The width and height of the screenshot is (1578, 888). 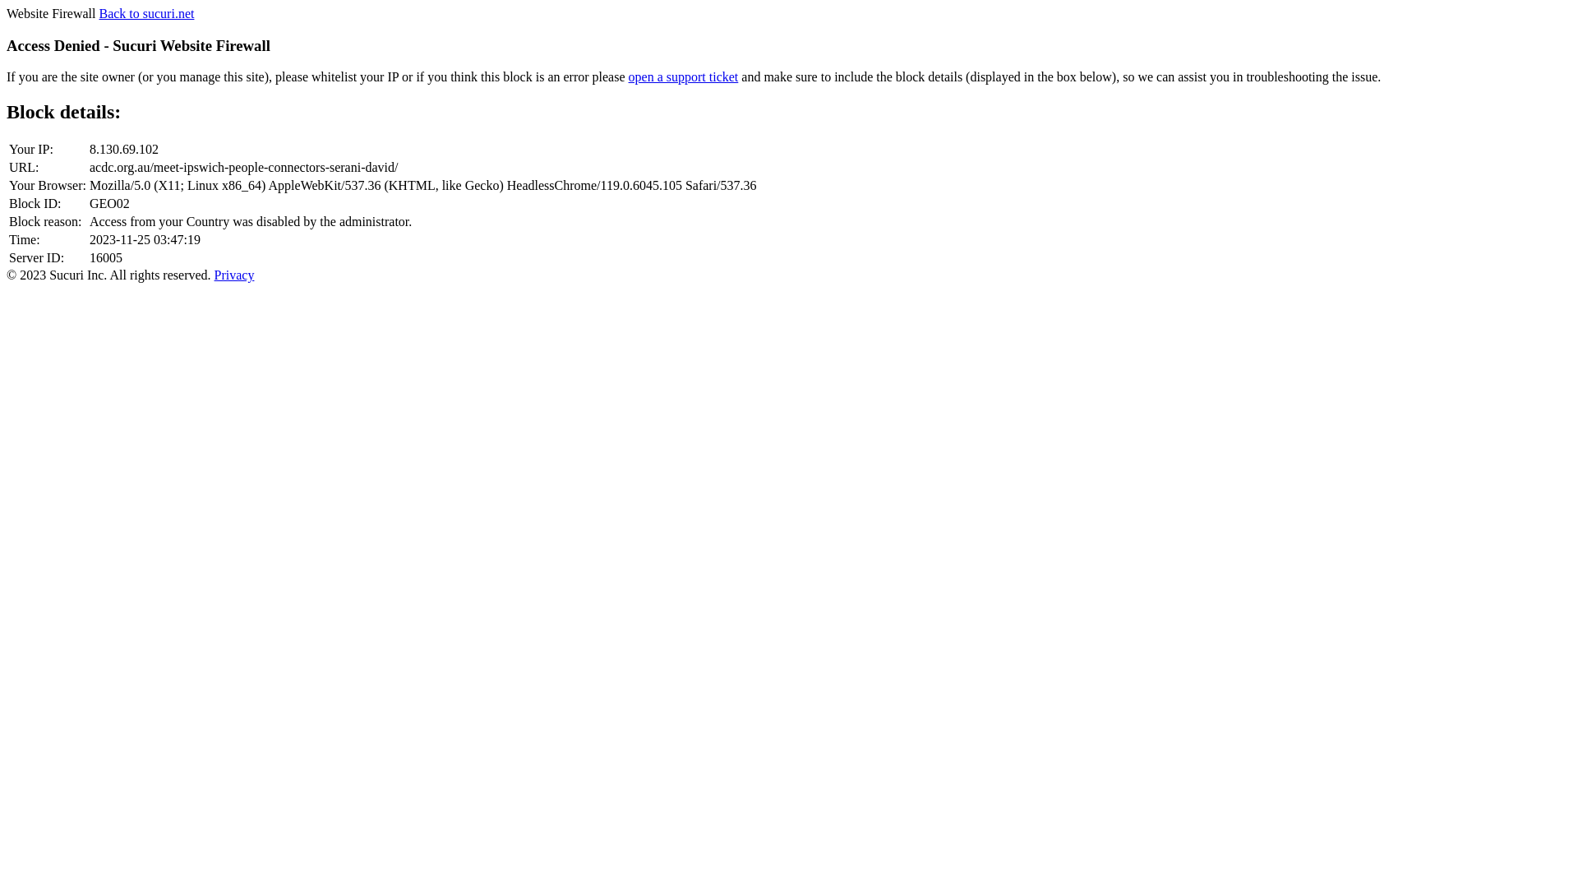 I want to click on 'open a support ticket', so click(x=683, y=76).